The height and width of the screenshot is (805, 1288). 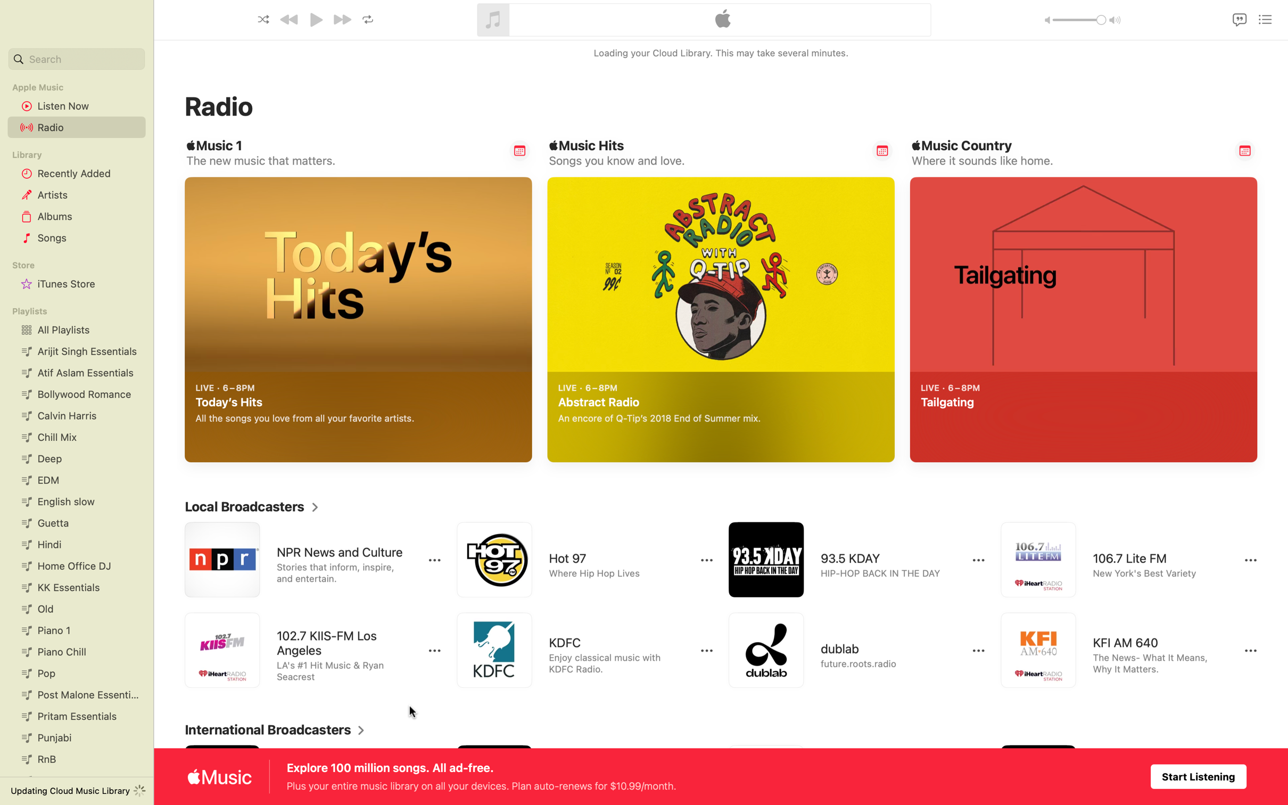 What do you see at coordinates (519, 150) in the screenshot?
I see `a reminder for the track "Music 1` at bounding box center [519, 150].